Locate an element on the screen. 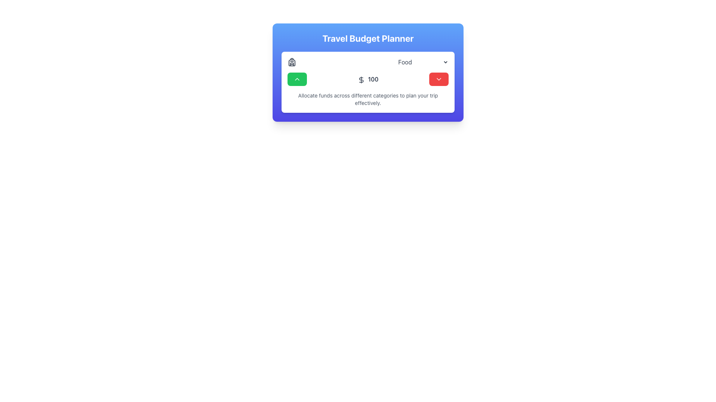 The width and height of the screenshot is (716, 402). the dollar sign icon in the Travel Budget Planner interface, located to the left of the numeric display '100' is located at coordinates (361, 80).